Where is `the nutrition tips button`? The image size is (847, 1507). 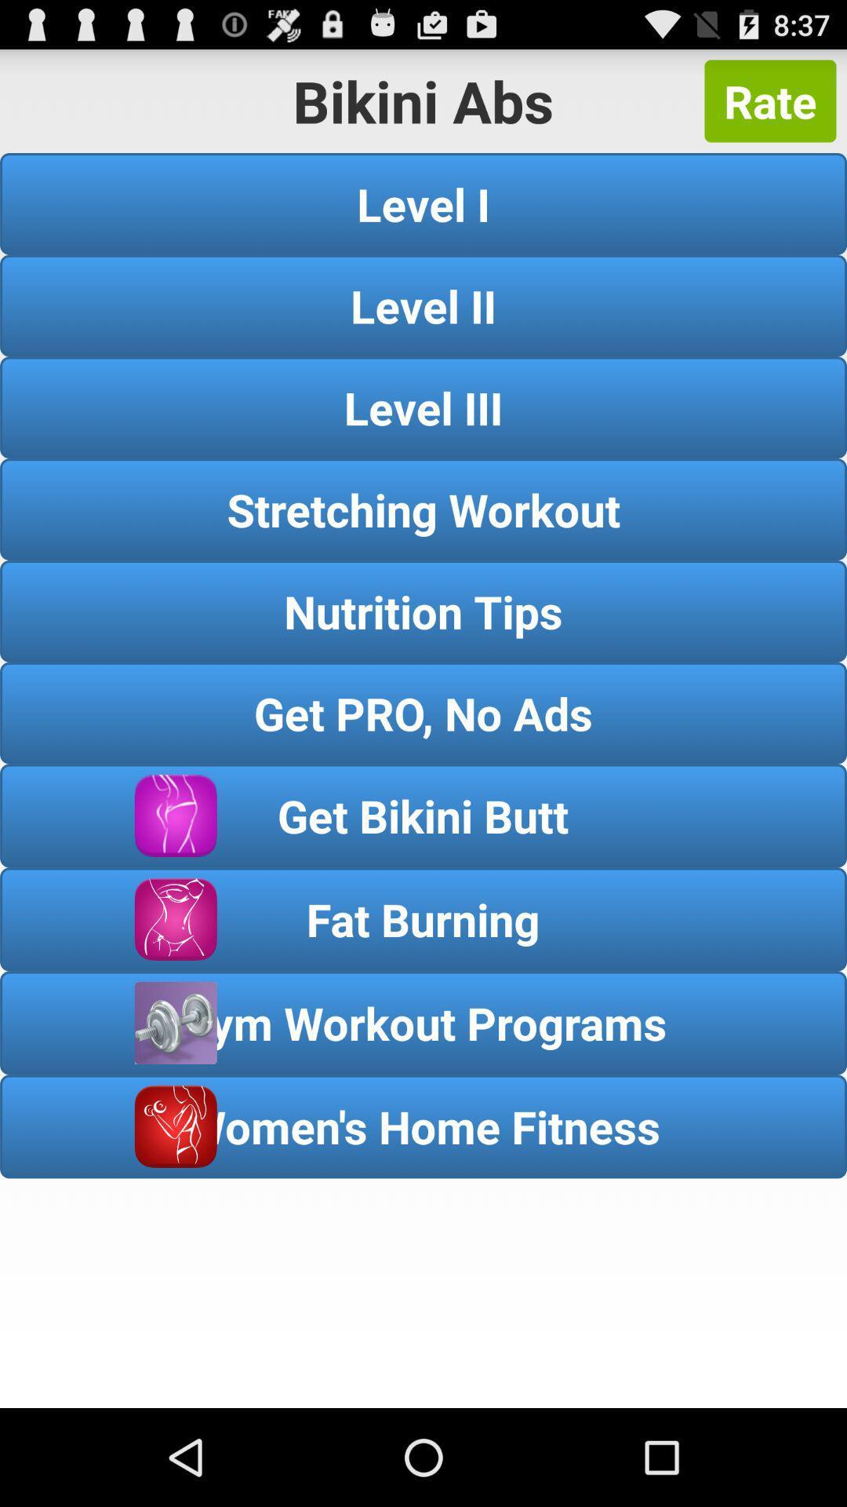
the nutrition tips button is located at coordinates (423, 610).